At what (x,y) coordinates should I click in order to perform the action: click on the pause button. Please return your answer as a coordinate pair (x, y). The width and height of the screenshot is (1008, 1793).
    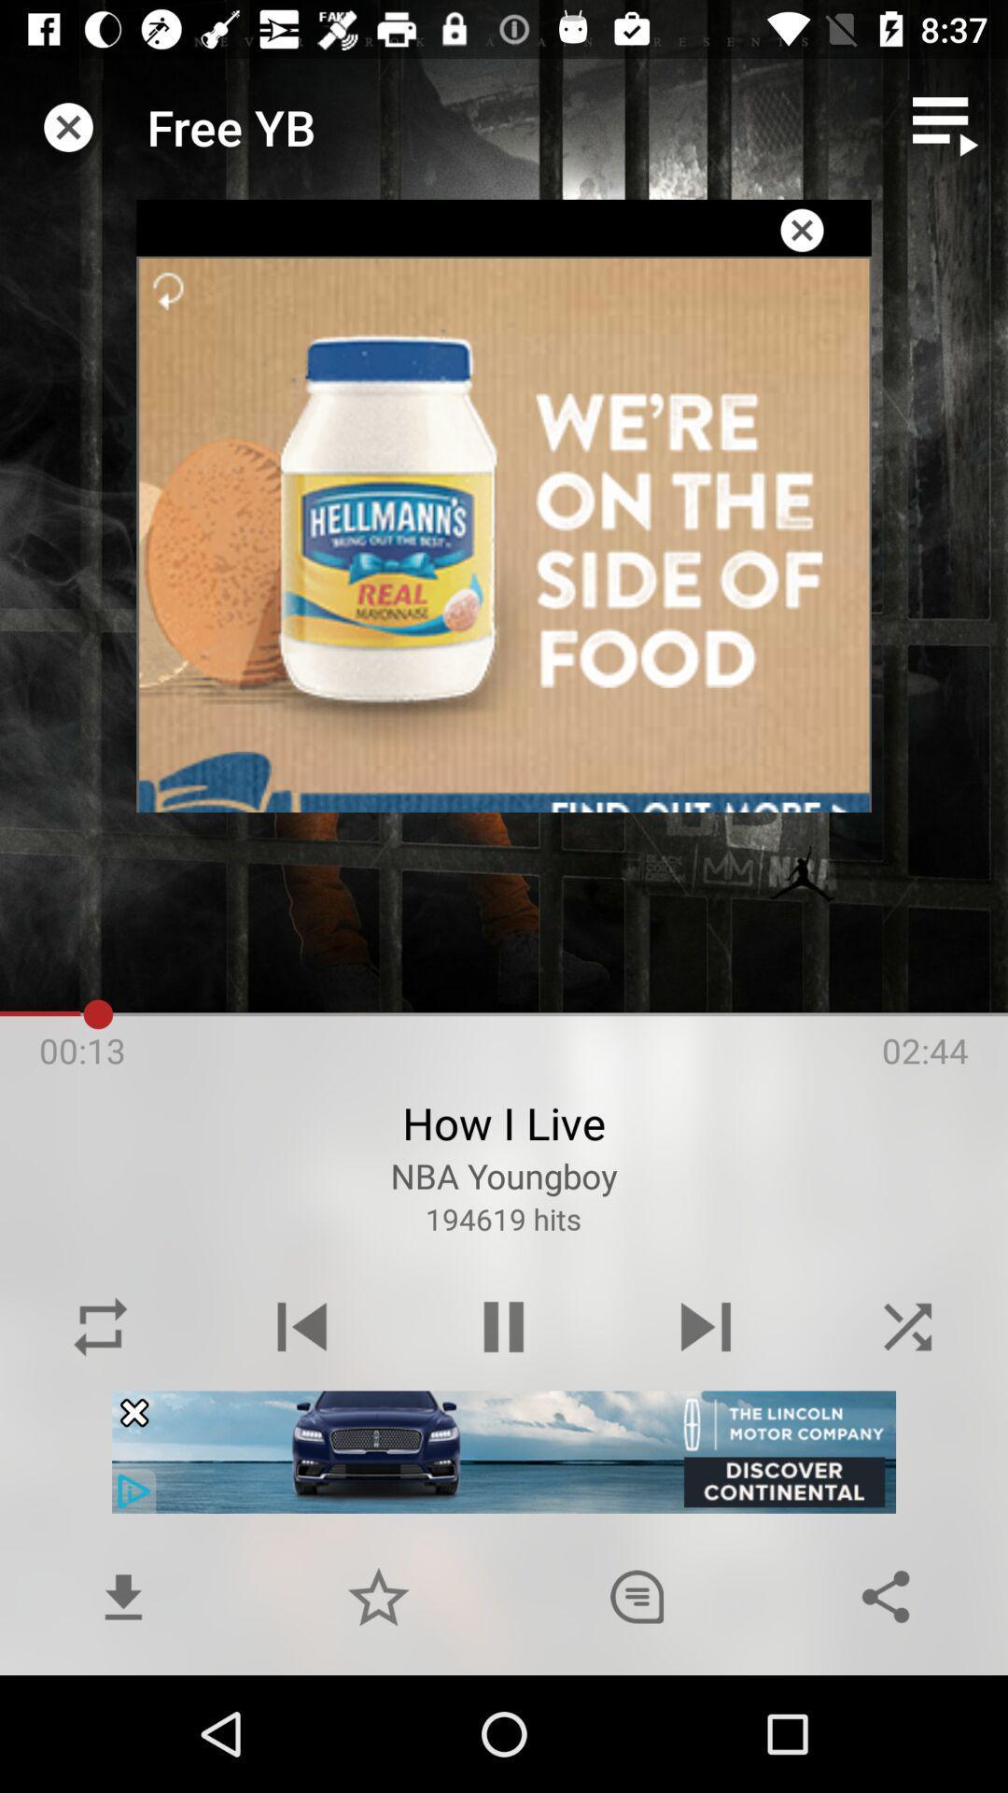
    Looking at the image, I should click on (504, 1325).